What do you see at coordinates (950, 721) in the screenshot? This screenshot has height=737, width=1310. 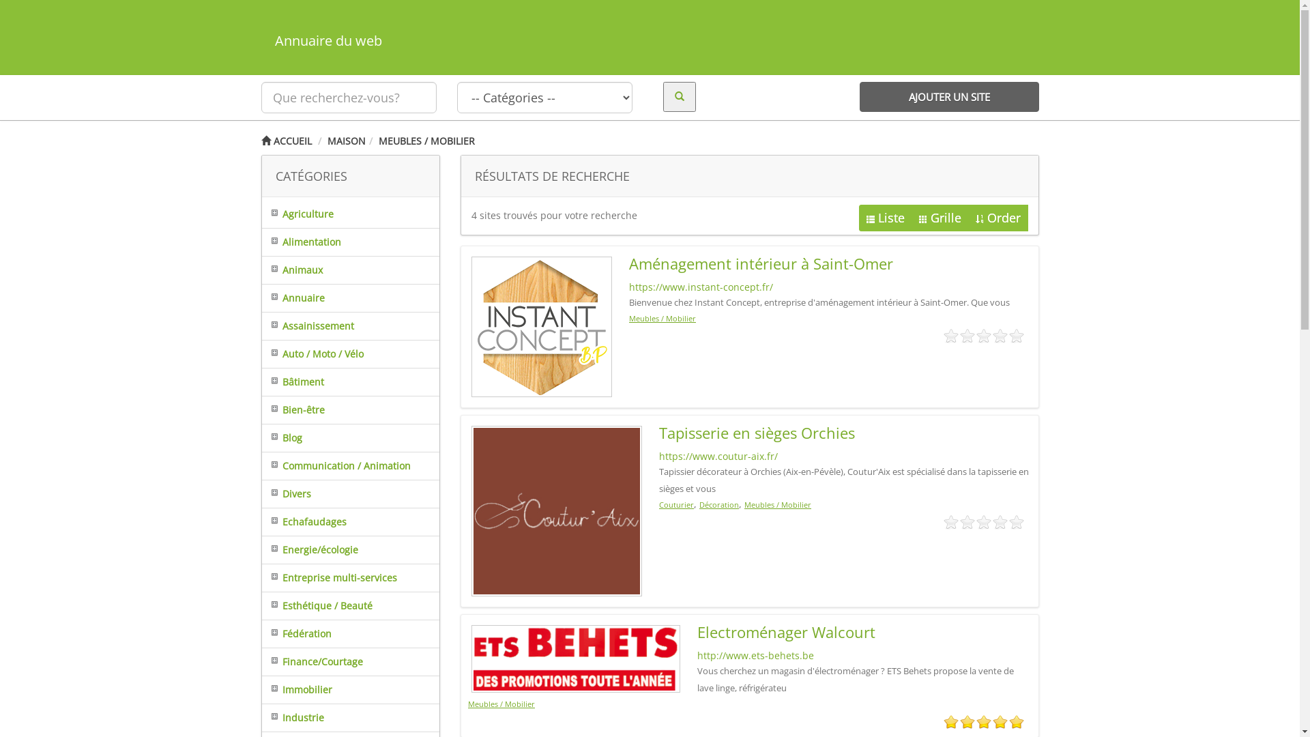 I see `'bad'` at bounding box center [950, 721].